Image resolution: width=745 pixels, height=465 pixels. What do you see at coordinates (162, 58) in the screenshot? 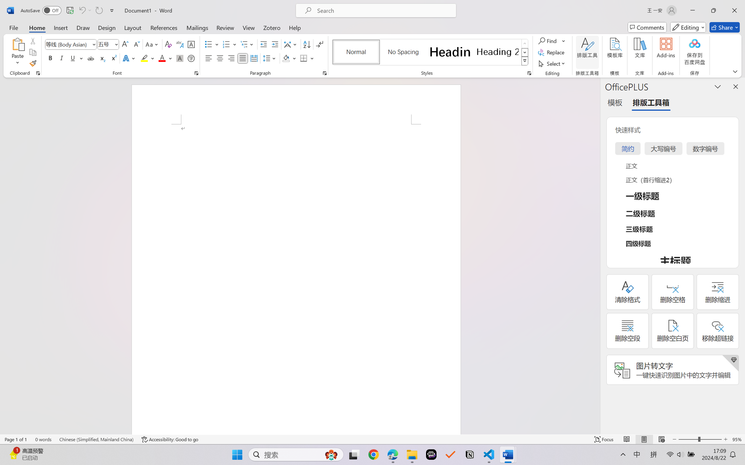
I see `'Font Color Red'` at bounding box center [162, 58].